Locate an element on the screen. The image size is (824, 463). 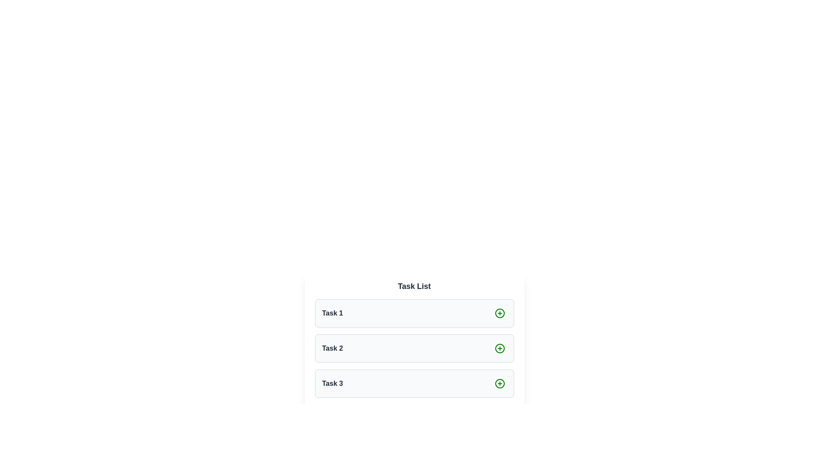
the circular green outlined plus icon located to the far right of the 'Task 3' list item is located at coordinates (500, 383).